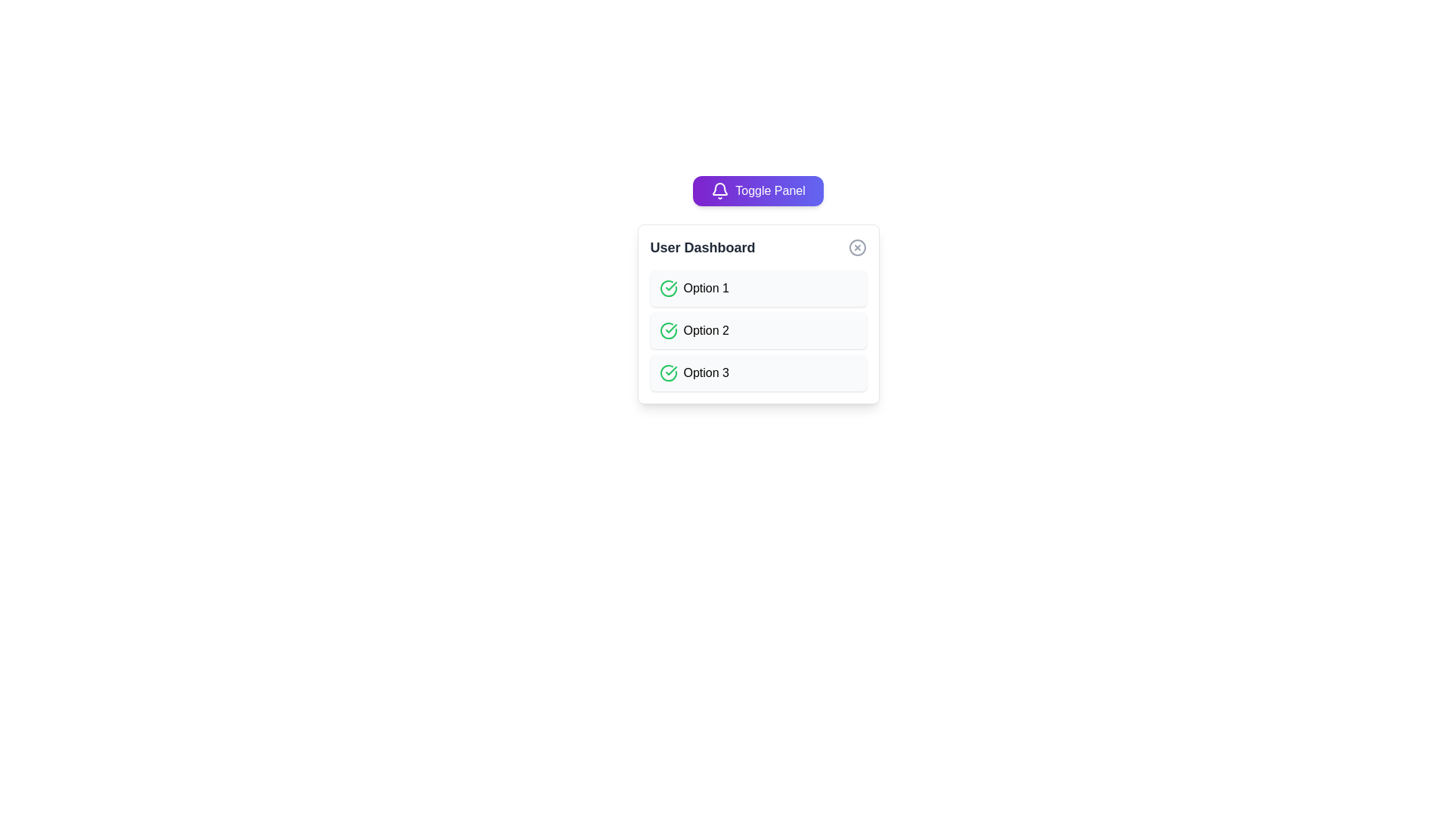 The image size is (1451, 816). Describe the element at coordinates (758, 372) in the screenshot. I see `the third item in the vertically stacked list of options in the 'User Dashboard'` at that location.